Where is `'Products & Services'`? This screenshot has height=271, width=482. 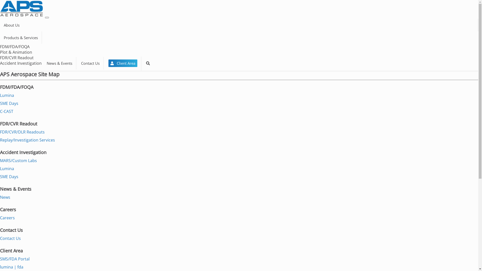
'Products & Services' is located at coordinates (21, 37).